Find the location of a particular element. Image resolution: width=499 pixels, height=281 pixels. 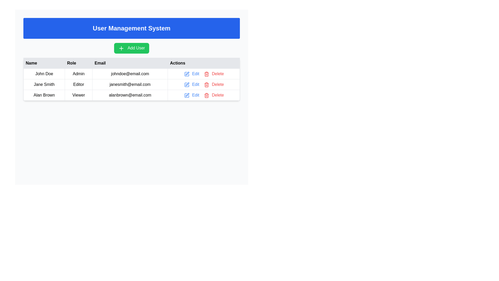

the trash can icon within the 'Delete' button to initiate deletion of the corresponding user entry in the table is located at coordinates (206, 74).